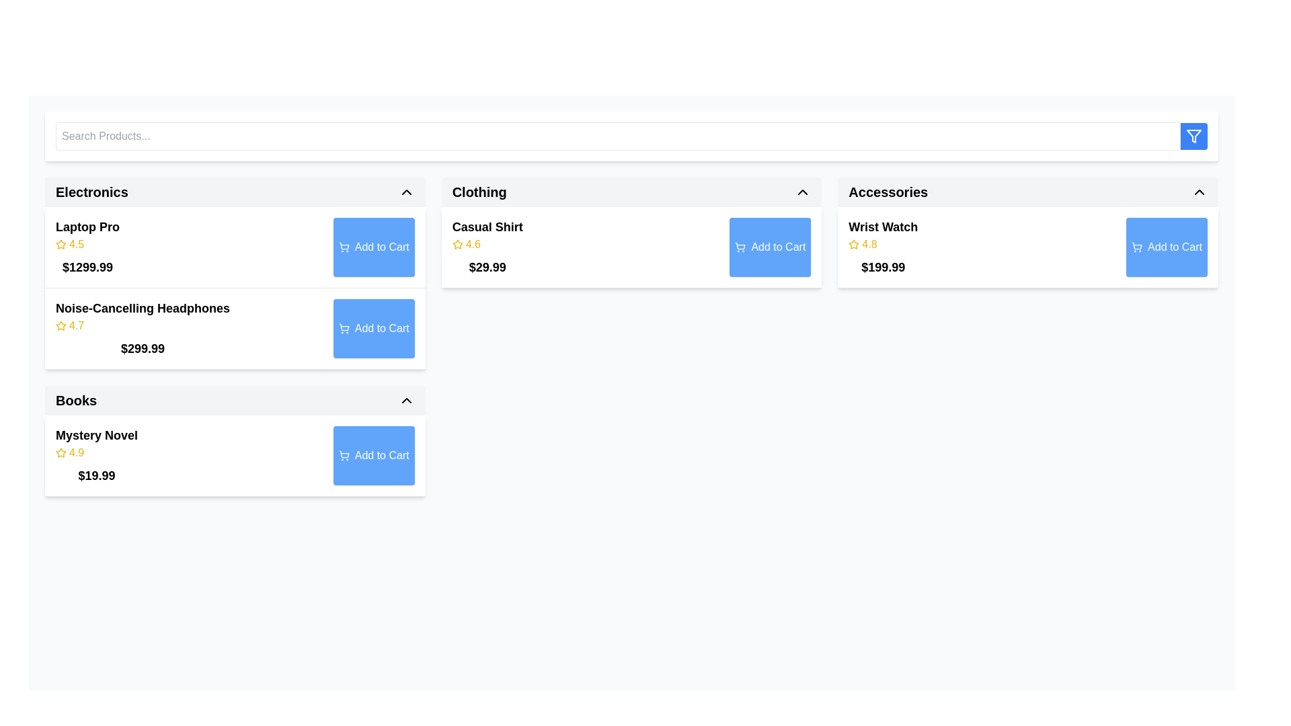 The height and width of the screenshot is (726, 1291). What do you see at coordinates (381, 329) in the screenshot?
I see `the 'Add to Cart' button which is styled with a blue background and located to the right of the shopping cart icon, situated within the product section for 'Noise-Cancelling Headphones'` at bounding box center [381, 329].